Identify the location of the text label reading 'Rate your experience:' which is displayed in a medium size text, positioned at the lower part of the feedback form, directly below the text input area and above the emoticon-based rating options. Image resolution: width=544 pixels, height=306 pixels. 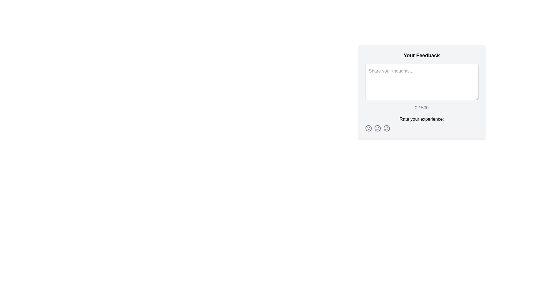
(422, 119).